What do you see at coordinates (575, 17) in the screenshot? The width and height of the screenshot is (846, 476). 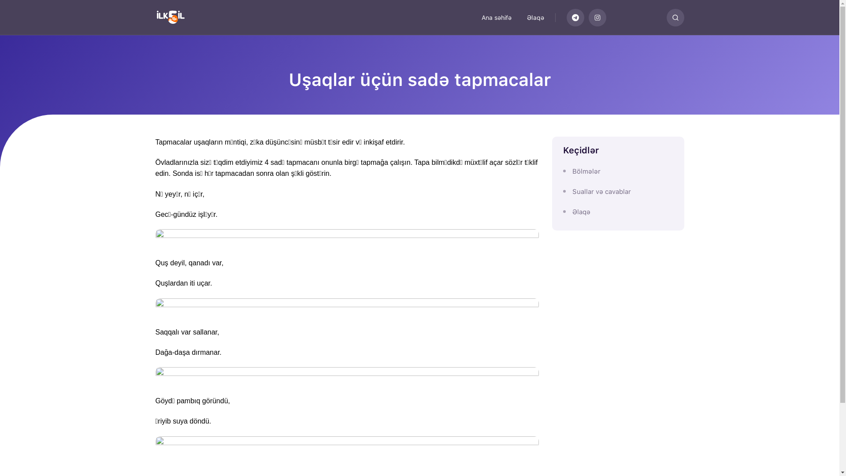 I see `'Telegram'` at bounding box center [575, 17].